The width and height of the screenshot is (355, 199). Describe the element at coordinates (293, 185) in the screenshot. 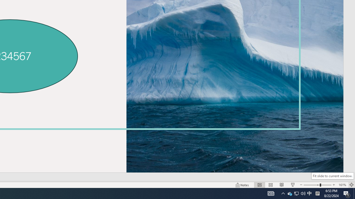

I see `'Slide Show'` at that location.